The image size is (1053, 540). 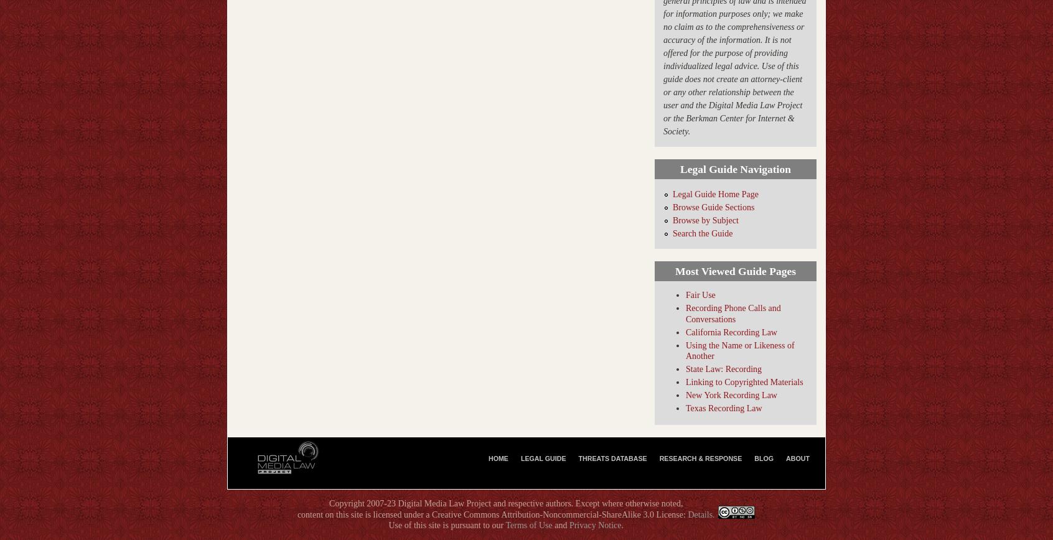 What do you see at coordinates (446, 525) in the screenshot?
I see `'Use of this site is pursuant to our'` at bounding box center [446, 525].